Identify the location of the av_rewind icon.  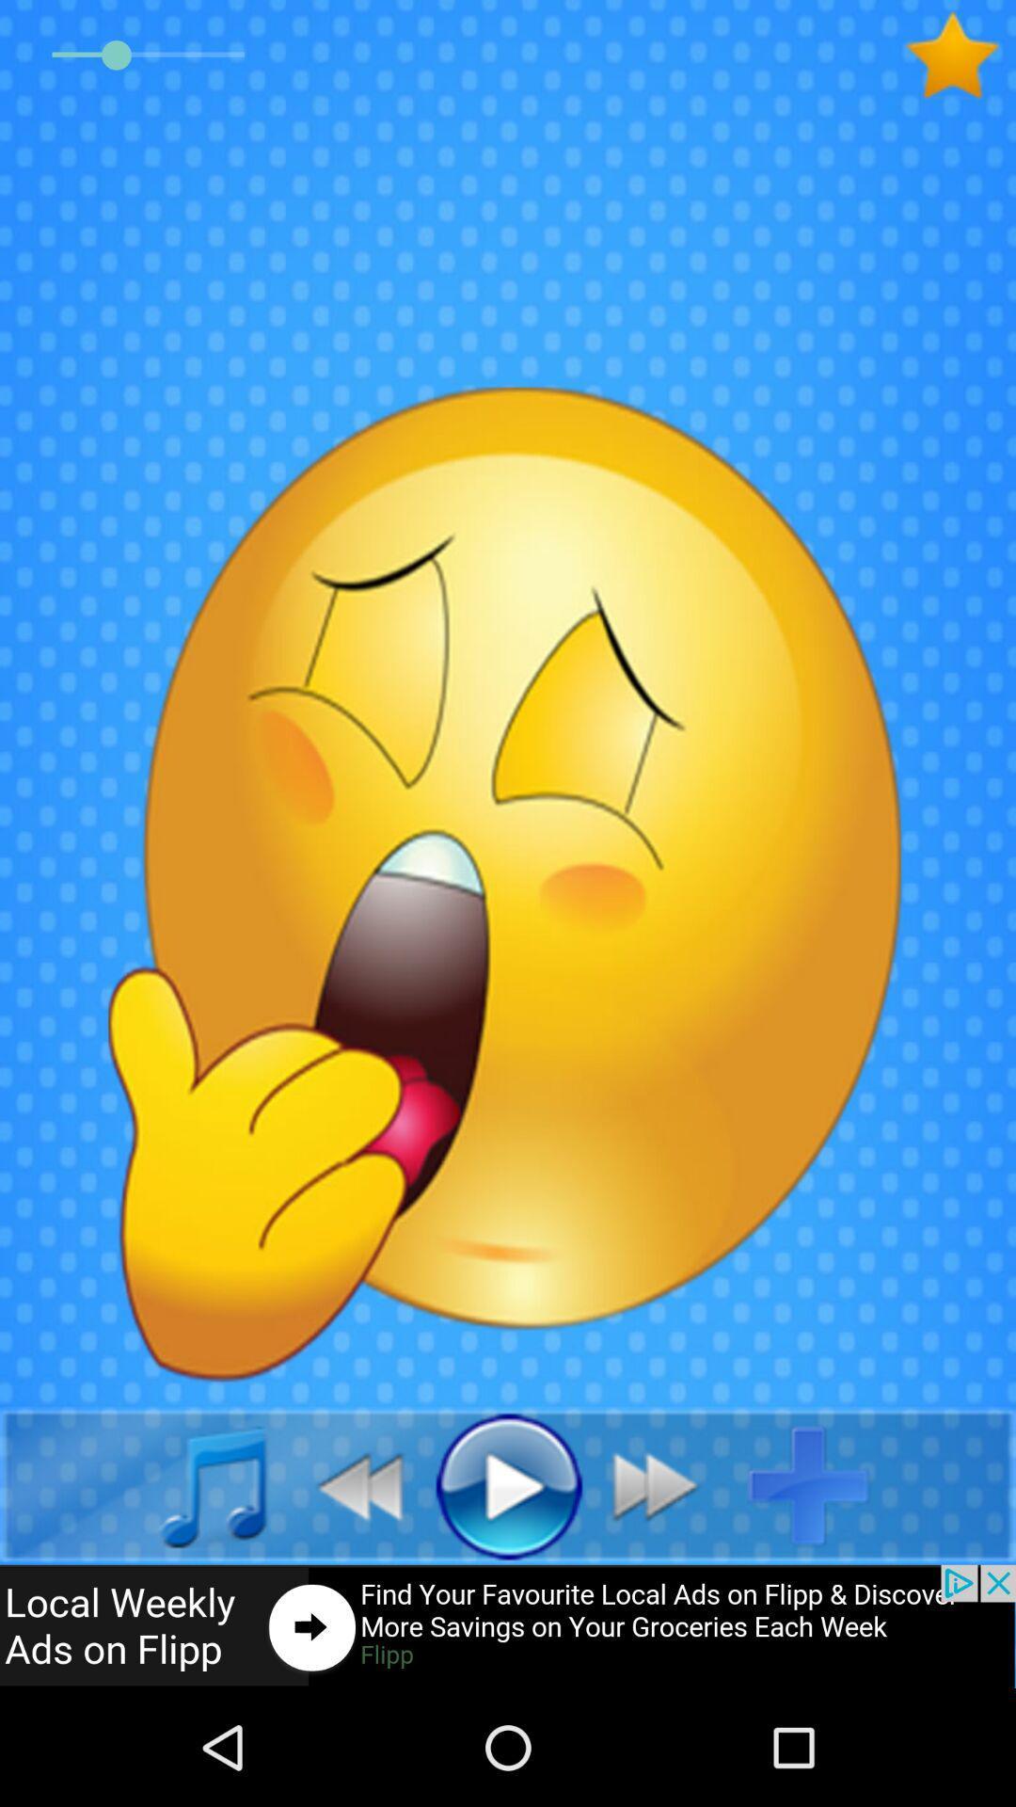
(349, 1484).